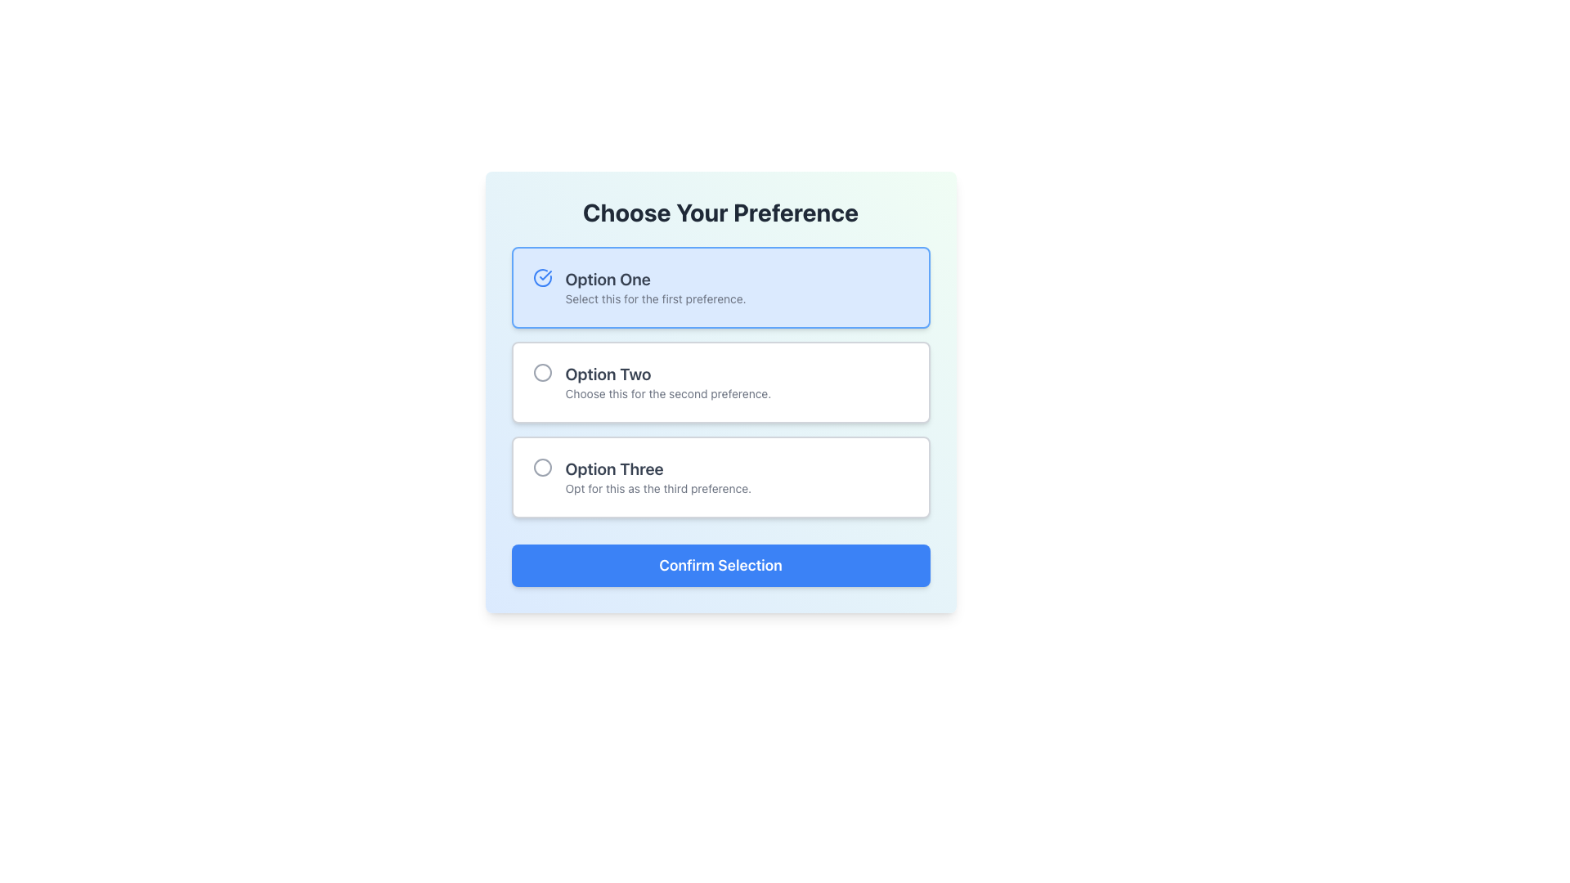 This screenshot has width=1570, height=883. I want to click on the circular indicator of the radio button for 'Option Two', so click(542, 372).